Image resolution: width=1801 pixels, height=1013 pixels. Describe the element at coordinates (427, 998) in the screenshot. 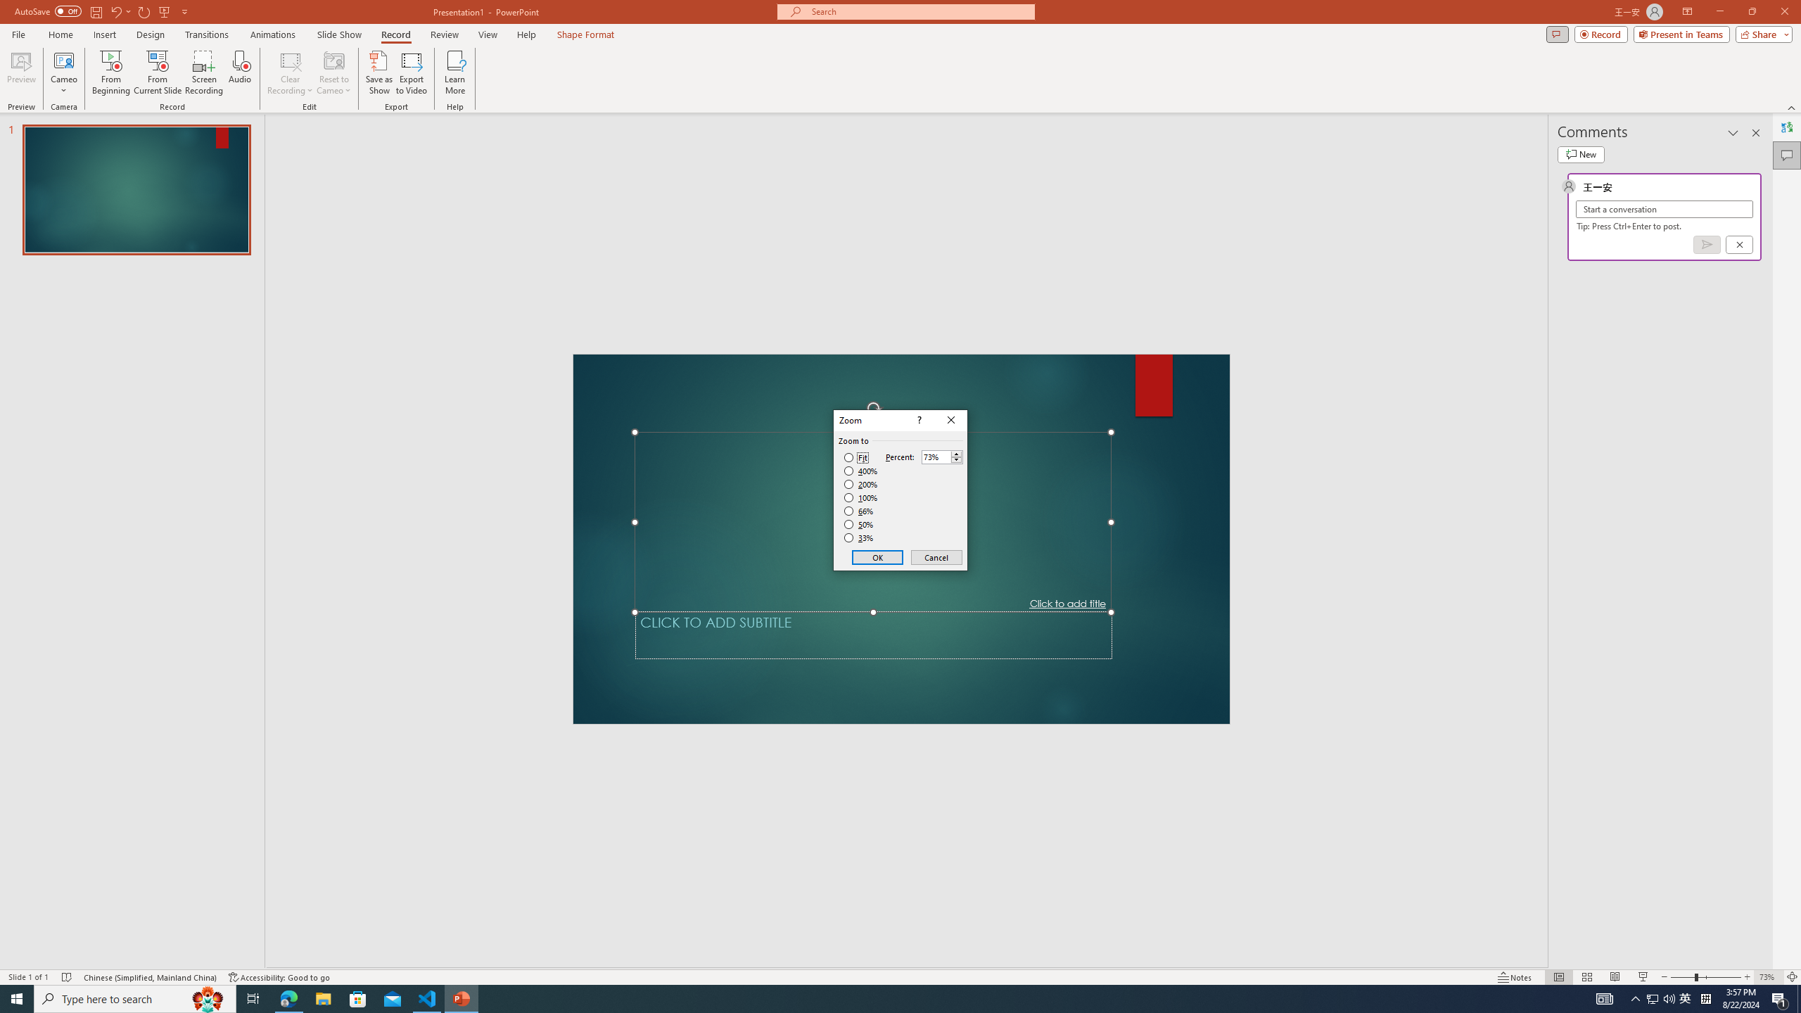

I see `'Visual Studio Code - 1 running window'` at that location.